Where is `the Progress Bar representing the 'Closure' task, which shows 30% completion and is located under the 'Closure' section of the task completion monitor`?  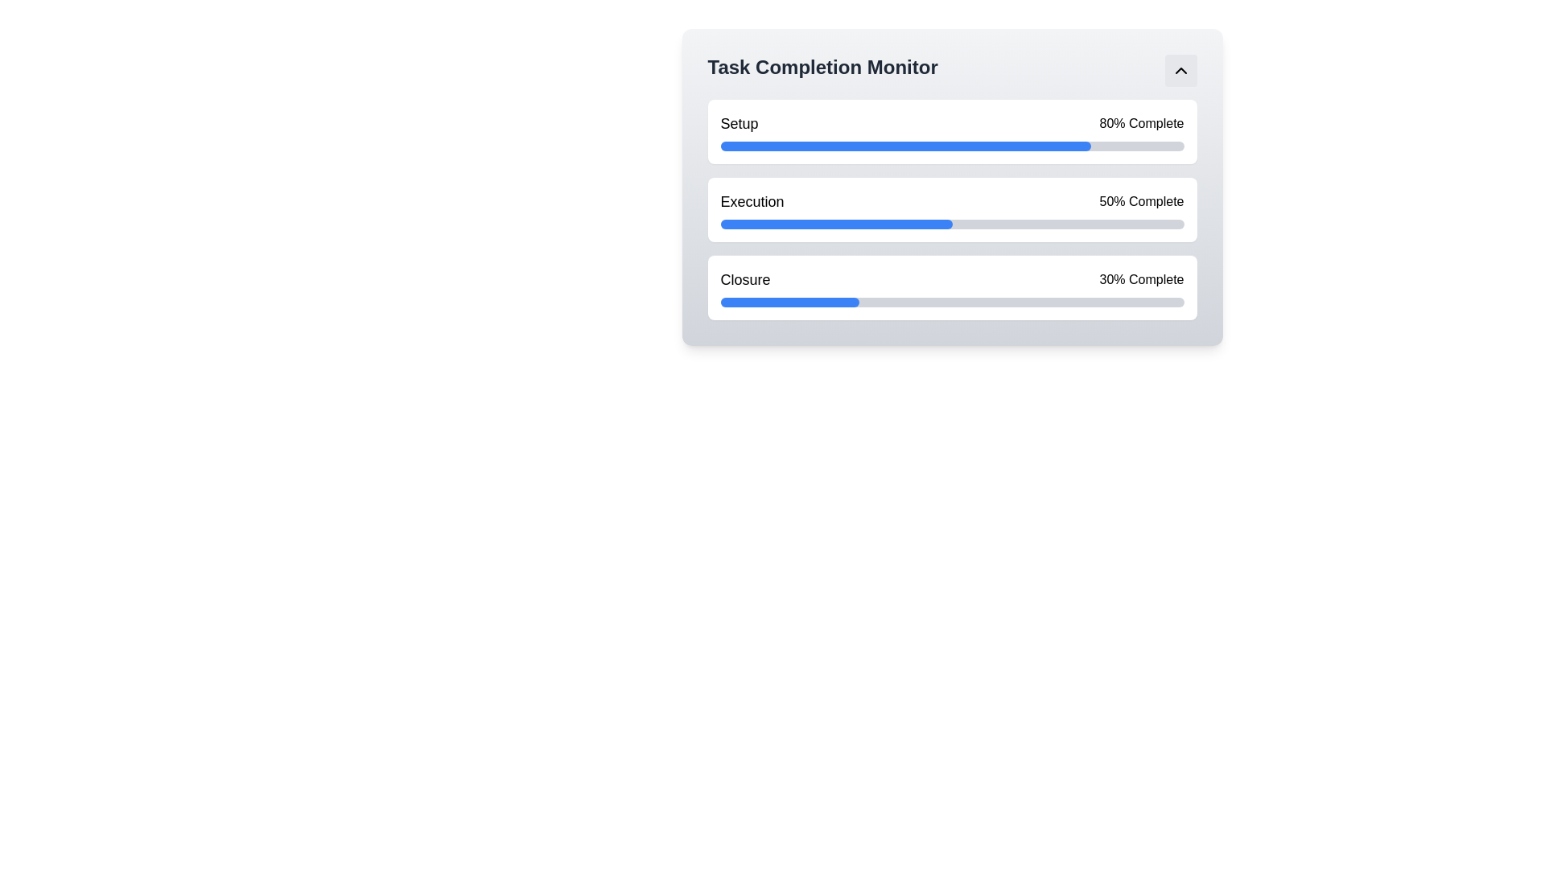 the Progress Bar representing the 'Closure' task, which shows 30% completion and is located under the 'Closure' section of the task completion monitor is located at coordinates (952, 302).